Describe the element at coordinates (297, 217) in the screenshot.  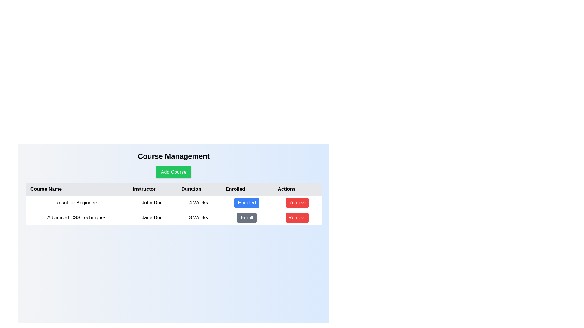
I see `the button located in the 'Actions' column of the second row, which allows the user to remove the associated course or entry from the table` at that location.